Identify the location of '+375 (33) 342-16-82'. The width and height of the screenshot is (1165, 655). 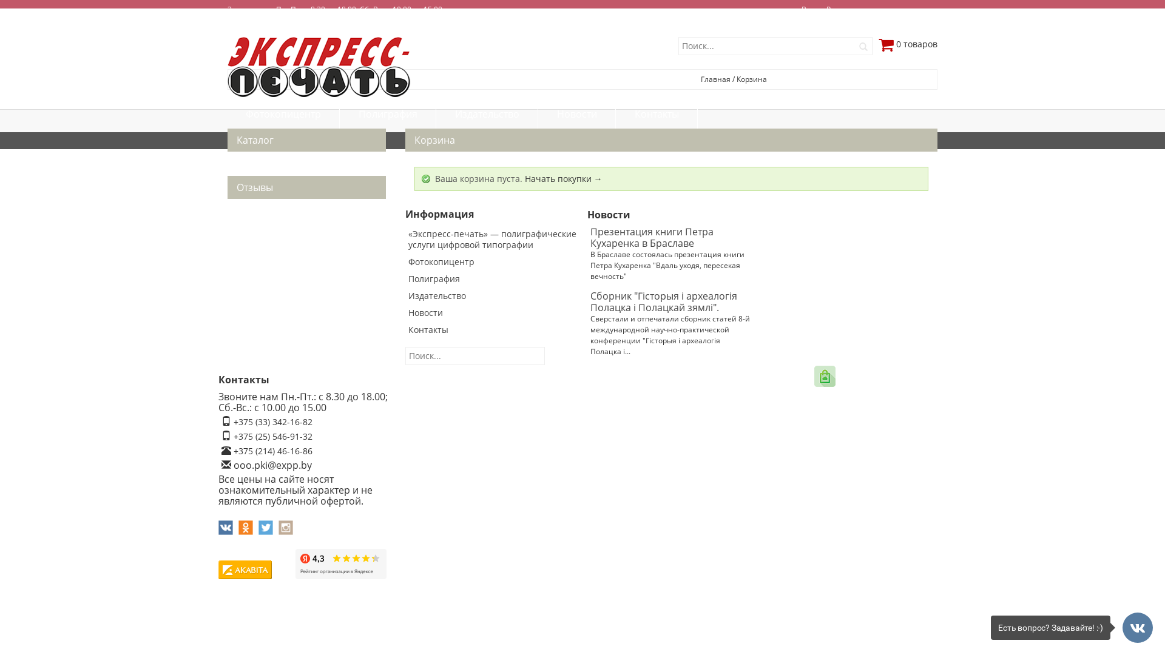
(272, 421).